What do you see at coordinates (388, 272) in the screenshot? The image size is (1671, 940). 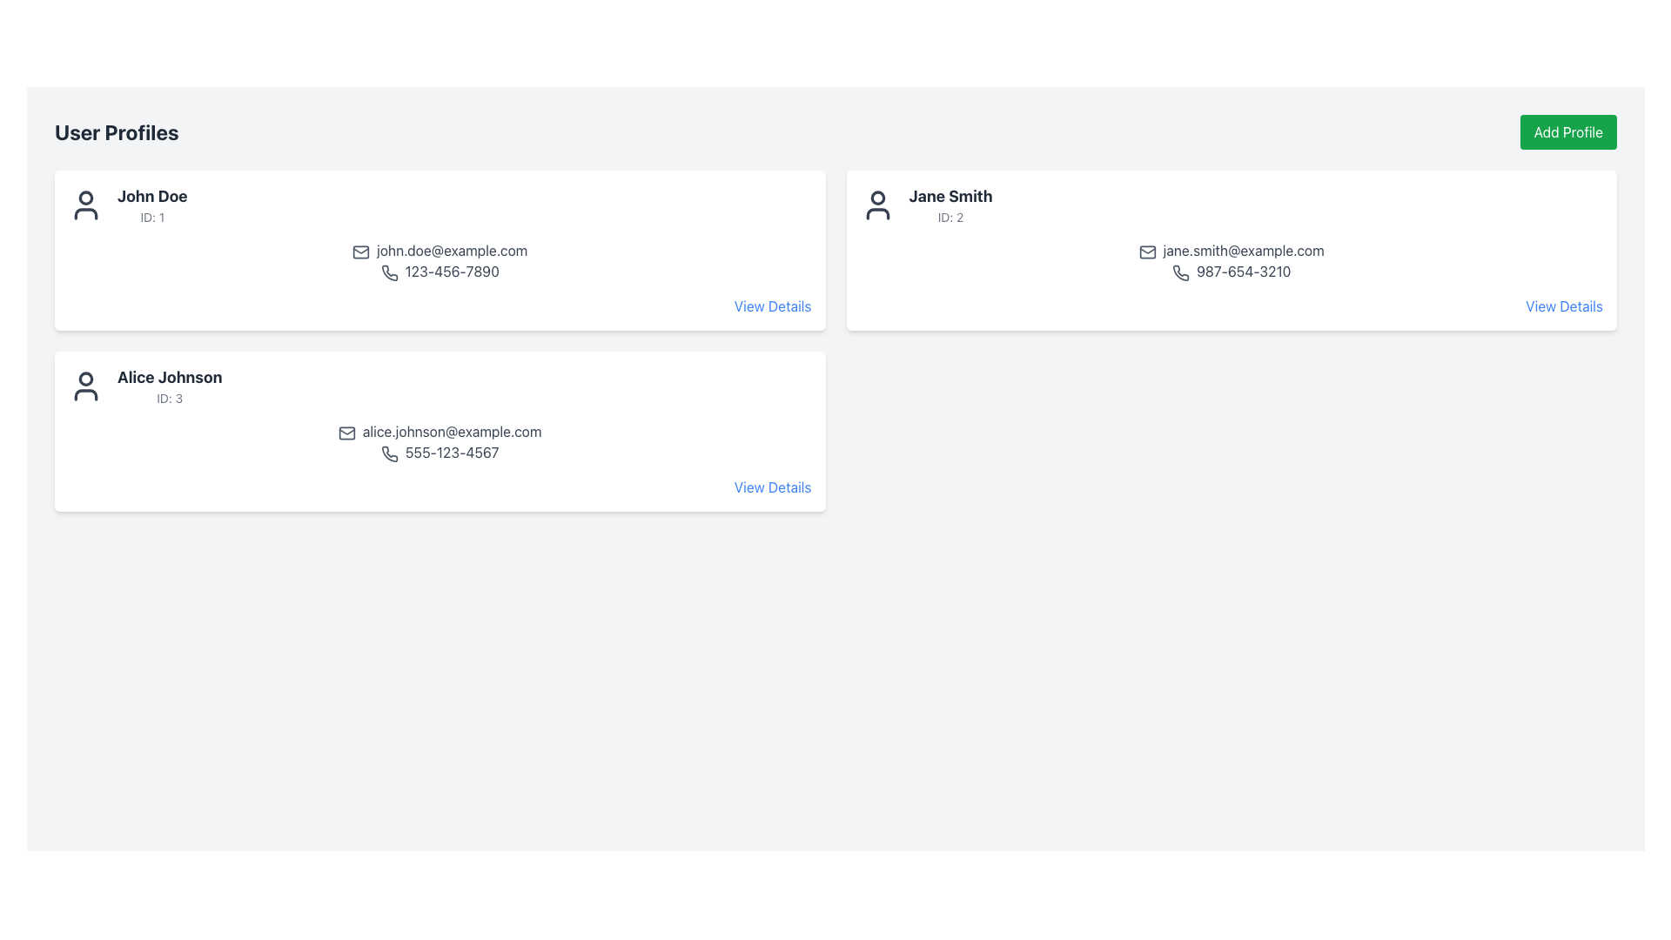 I see `the phone icon, which is a traditional handset depicted in a minimalistic style, located in the contact details section of a user profile card` at bounding box center [388, 272].